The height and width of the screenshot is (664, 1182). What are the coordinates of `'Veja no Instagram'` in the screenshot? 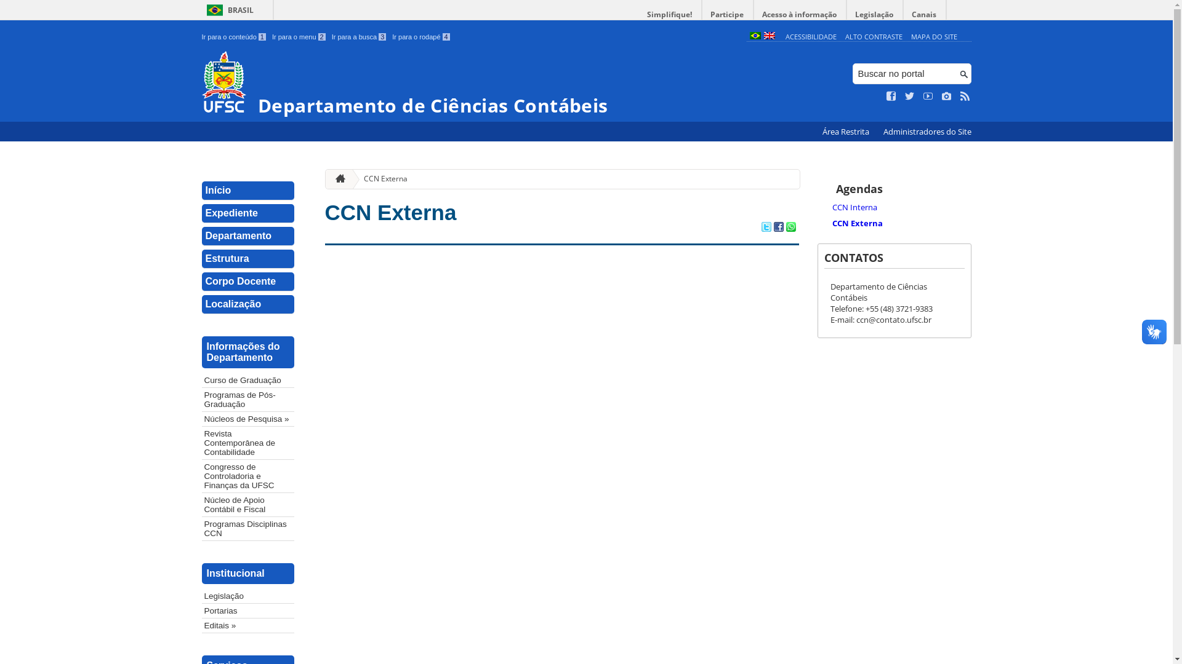 It's located at (946, 96).